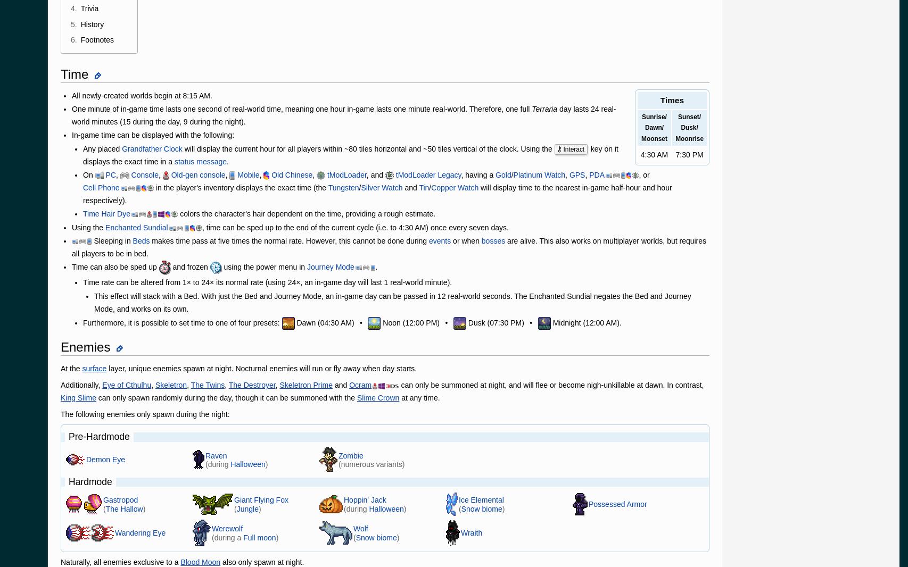  Describe the element at coordinates (136, 13) in the screenshot. I see `'Español'` at that location.